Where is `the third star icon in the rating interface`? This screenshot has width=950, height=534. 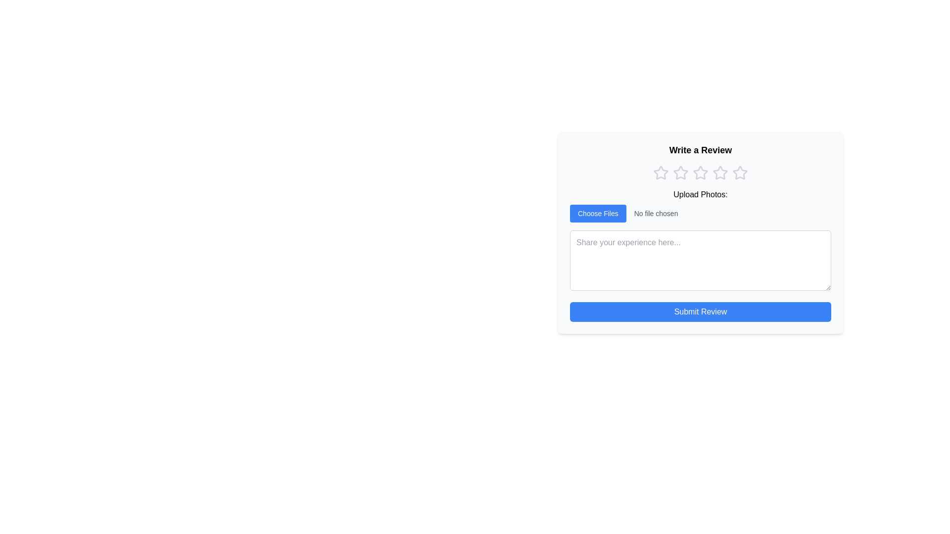
the third star icon in the rating interface is located at coordinates (700, 173).